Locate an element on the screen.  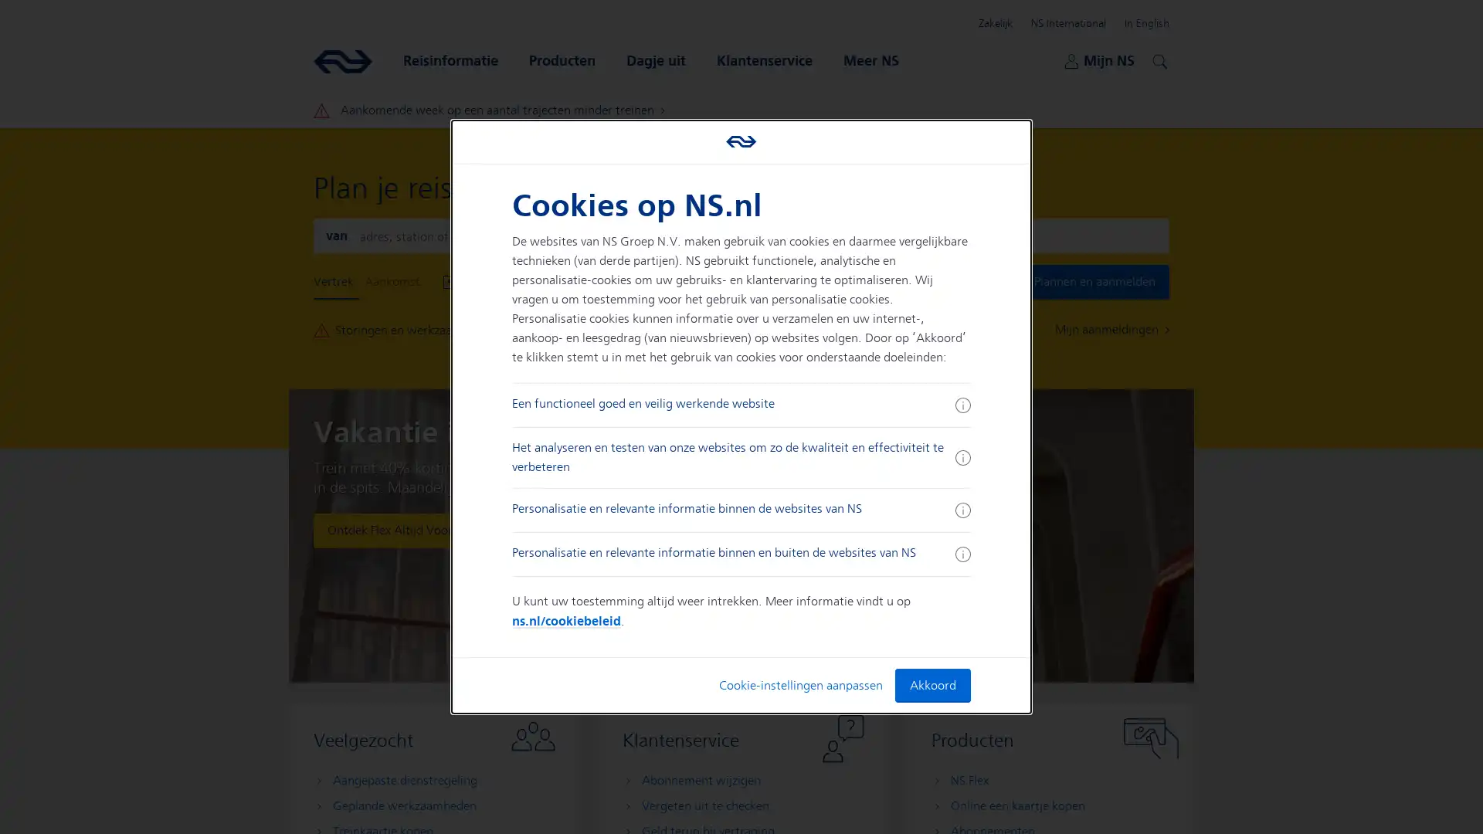
Dagje uit Open submenu is located at coordinates (656, 59).